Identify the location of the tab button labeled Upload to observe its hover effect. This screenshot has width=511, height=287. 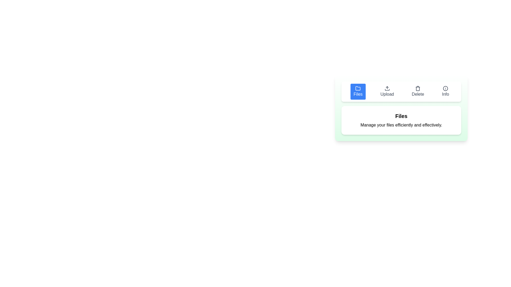
(387, 91).